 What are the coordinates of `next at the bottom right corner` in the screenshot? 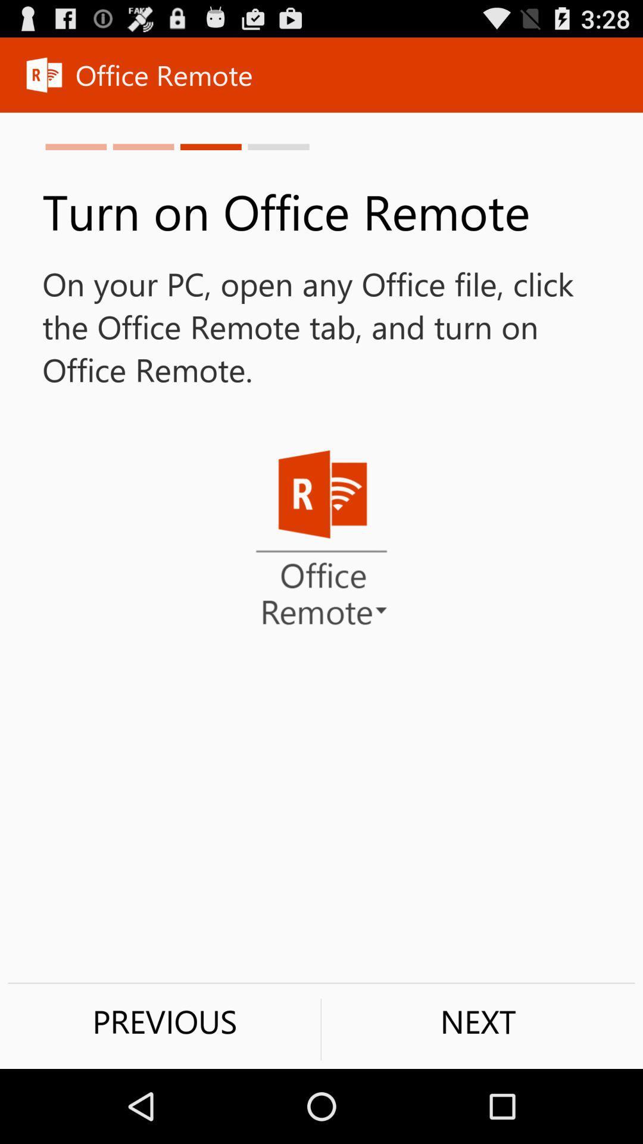 It's located at (477, 1021).